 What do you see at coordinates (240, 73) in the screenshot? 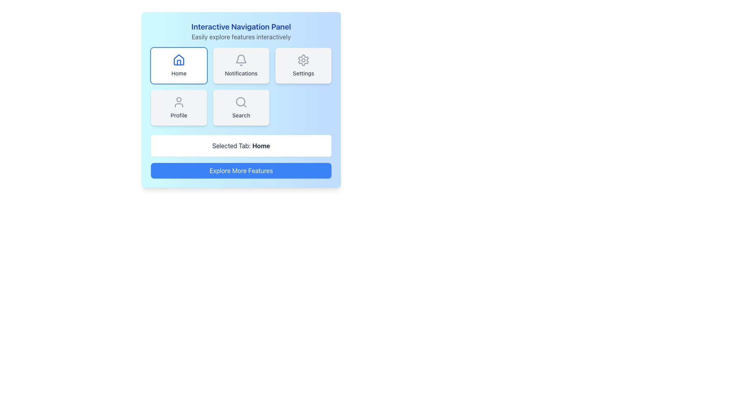
I see `the text label that provides information about the functionality of the adjacent notification icon, located below the notification bell icon in the second column of the top row of the grid` at bounding box center [240, 73].